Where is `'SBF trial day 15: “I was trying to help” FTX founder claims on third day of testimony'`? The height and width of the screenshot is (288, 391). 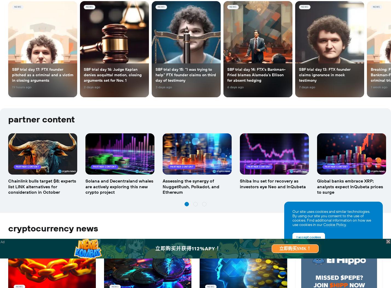
'SBF trial day 15: “I was trying to help” FTX founder claims on third day of testimony' is located at coordinates (186, 75).